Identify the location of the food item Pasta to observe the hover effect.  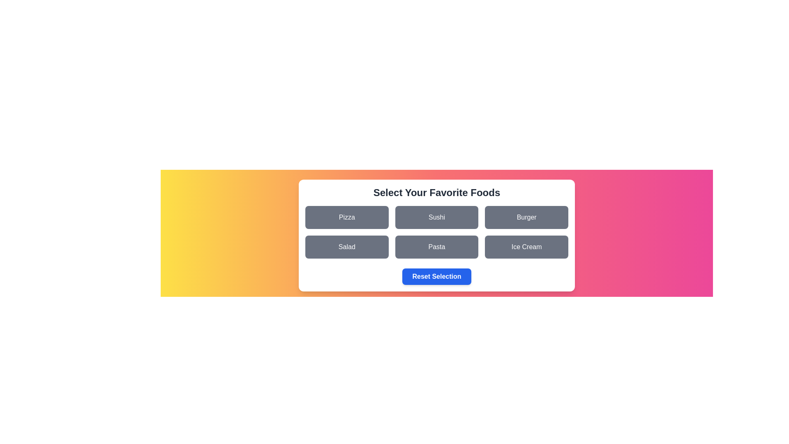
(436, 247).